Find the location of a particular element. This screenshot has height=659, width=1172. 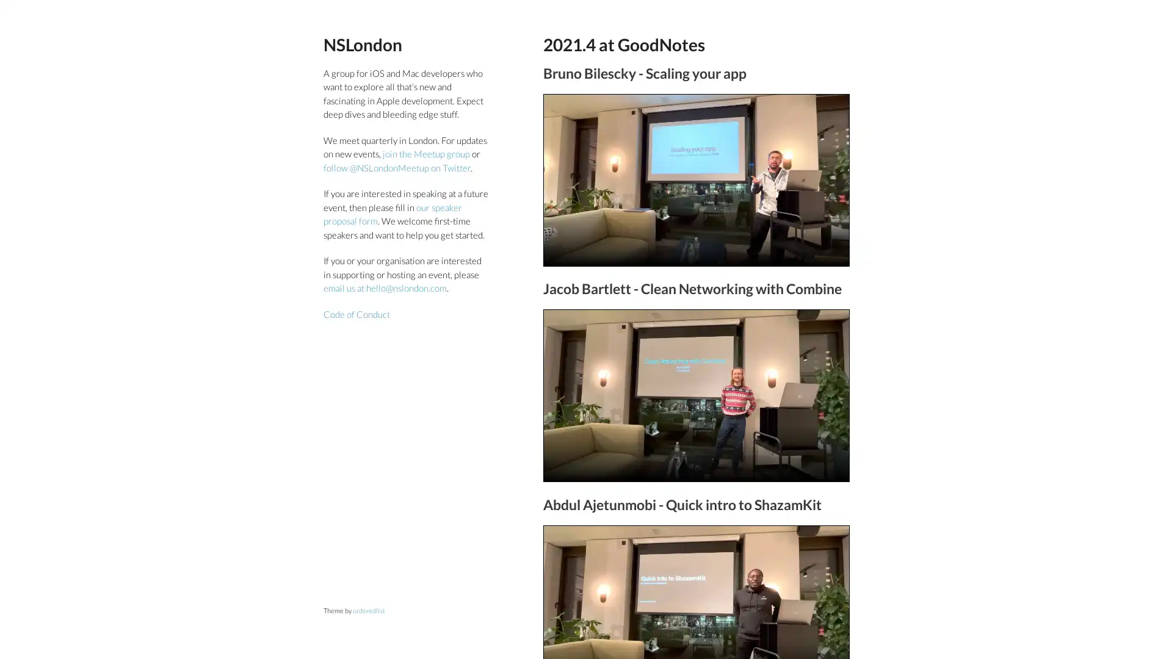

play is located at coordinates (558, 236).